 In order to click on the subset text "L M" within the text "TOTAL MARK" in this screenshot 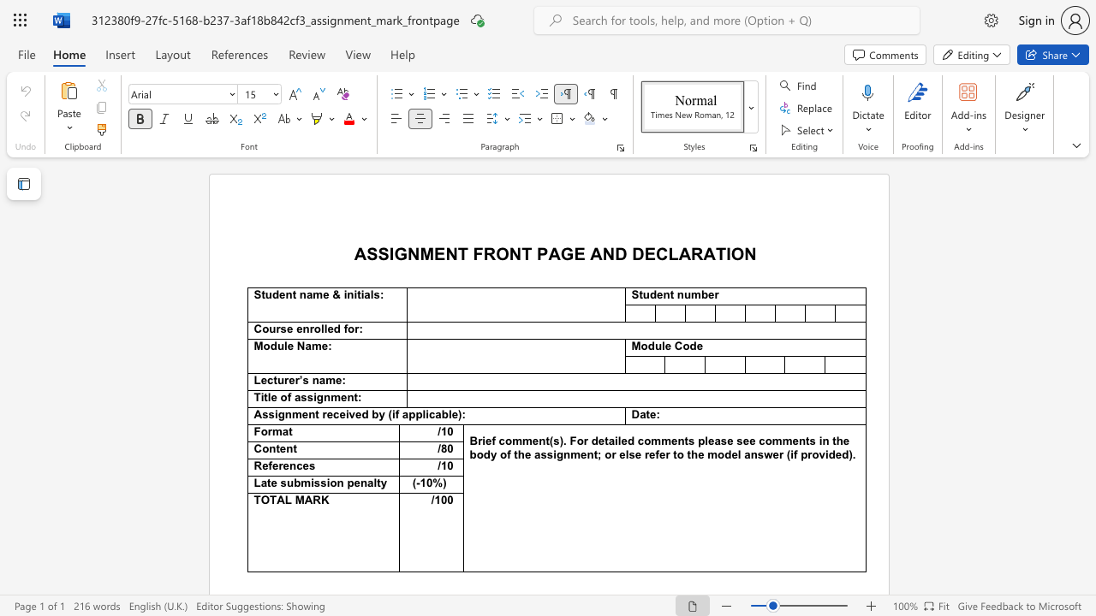, I will do `click(284, 500)`.